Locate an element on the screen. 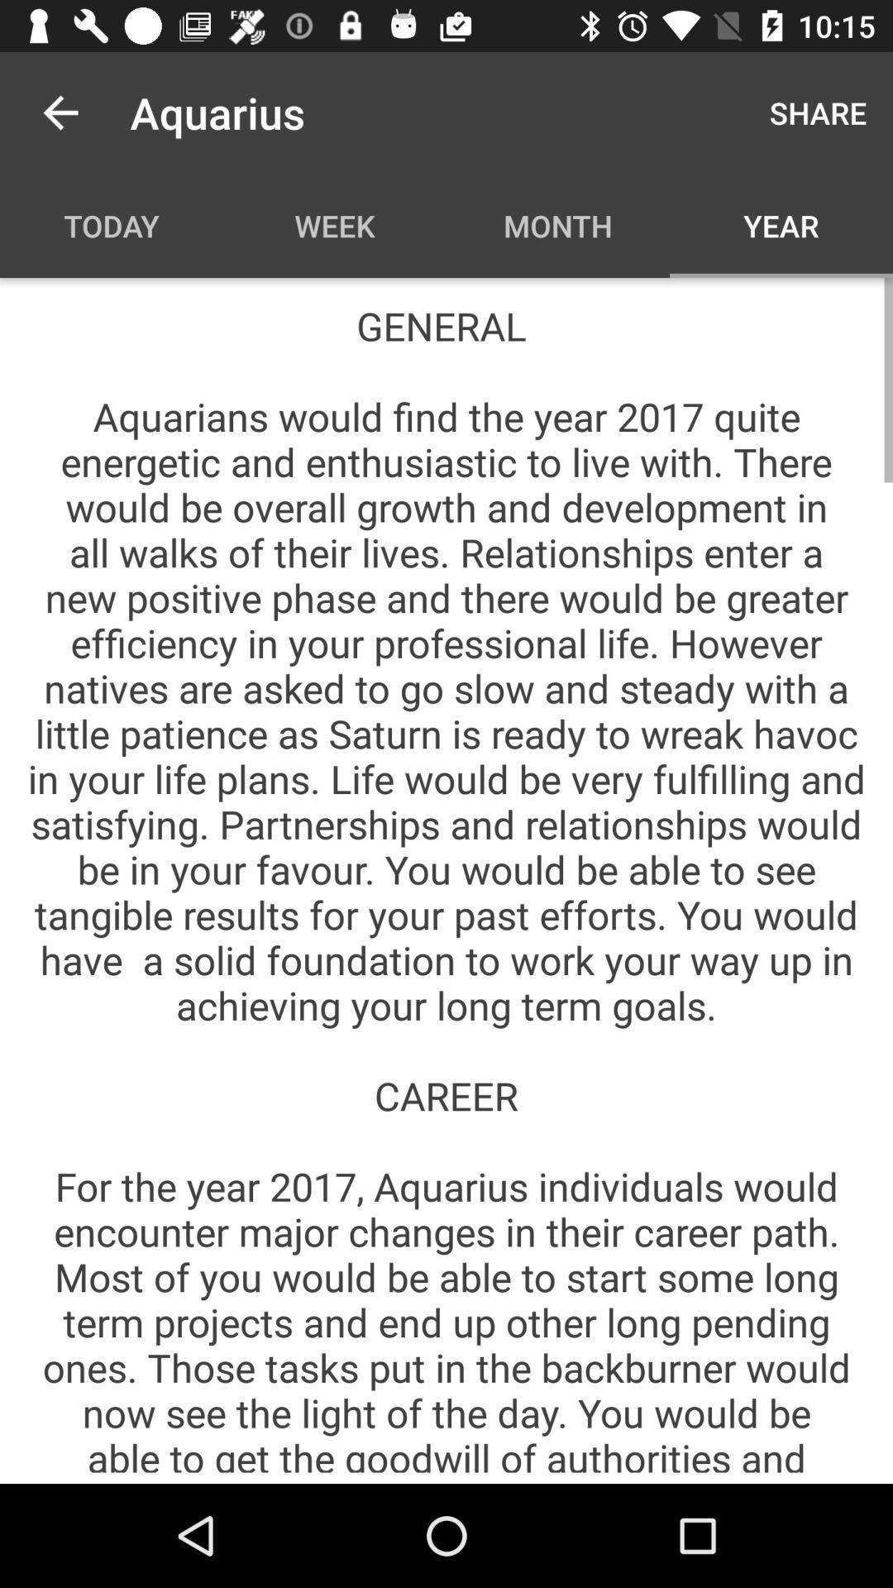 The height and width of the screenshot is (1588, 893). the icon next to the aquarius is located at coordinates (817, 112).